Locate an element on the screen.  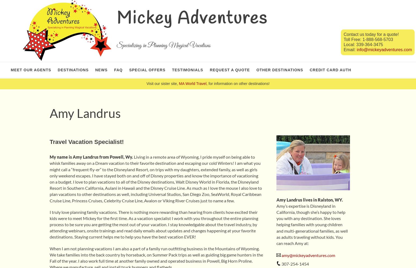
'Toll Free:' is located at coordinates (353, 39).